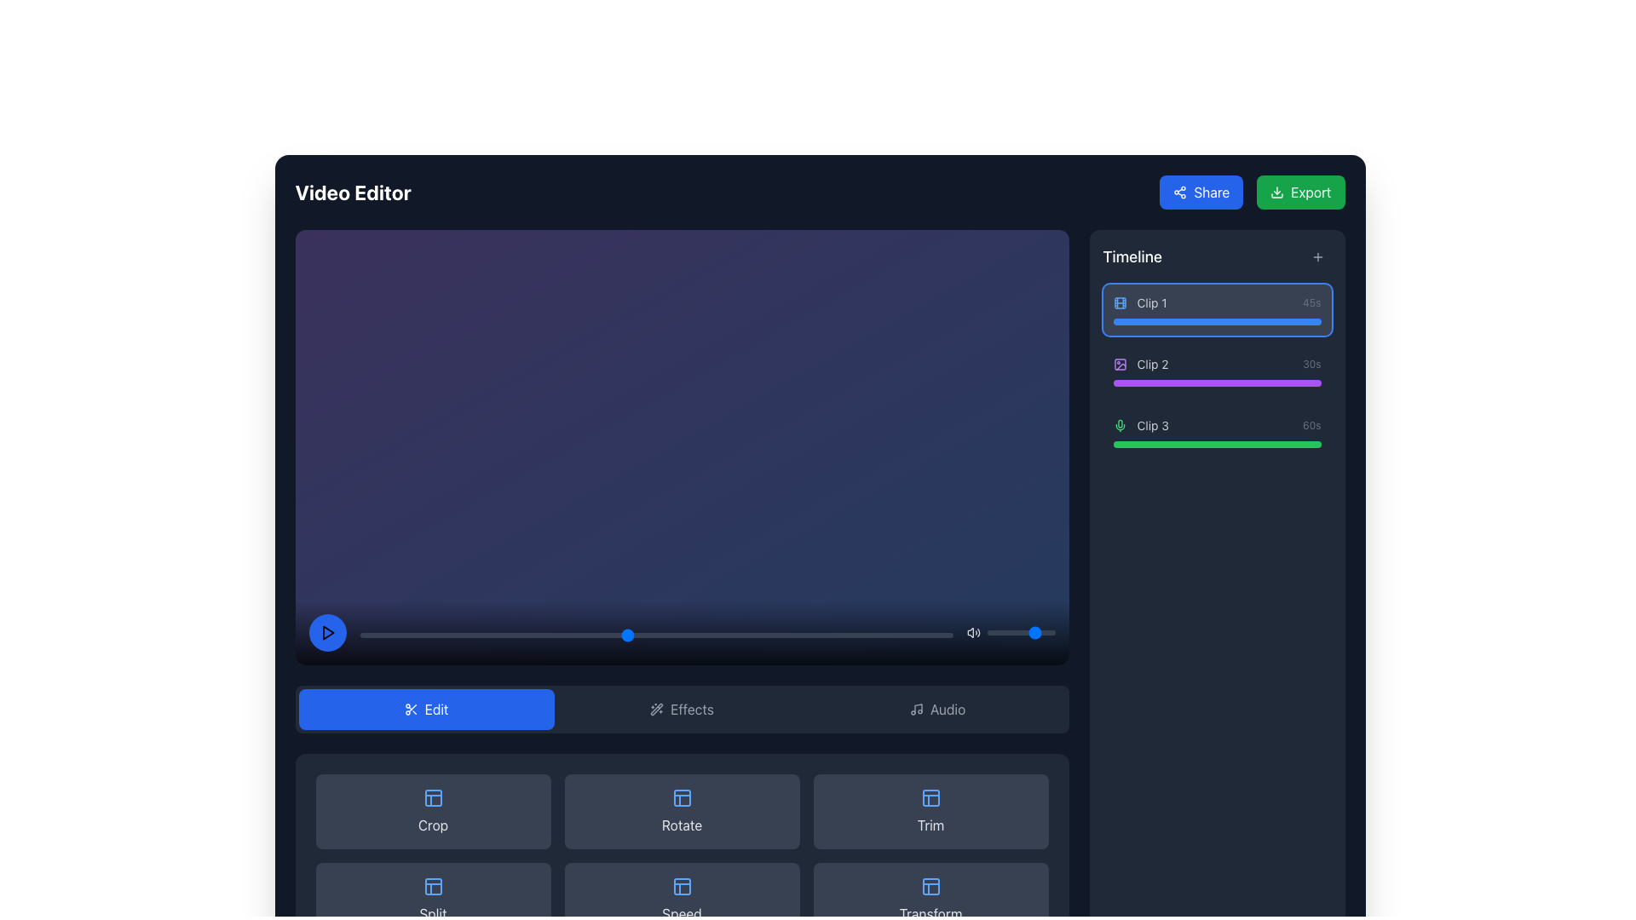 The width and height of the screenshot is (1636, 920). What do you see at coordinates (1216, 443) in the screenshot?
I see `the Progress bar located in the Timeline section, directly below Clip 3 and the microphone icon, to indicate the current status of the clip's advancement` at bounding box center [1216, 443].